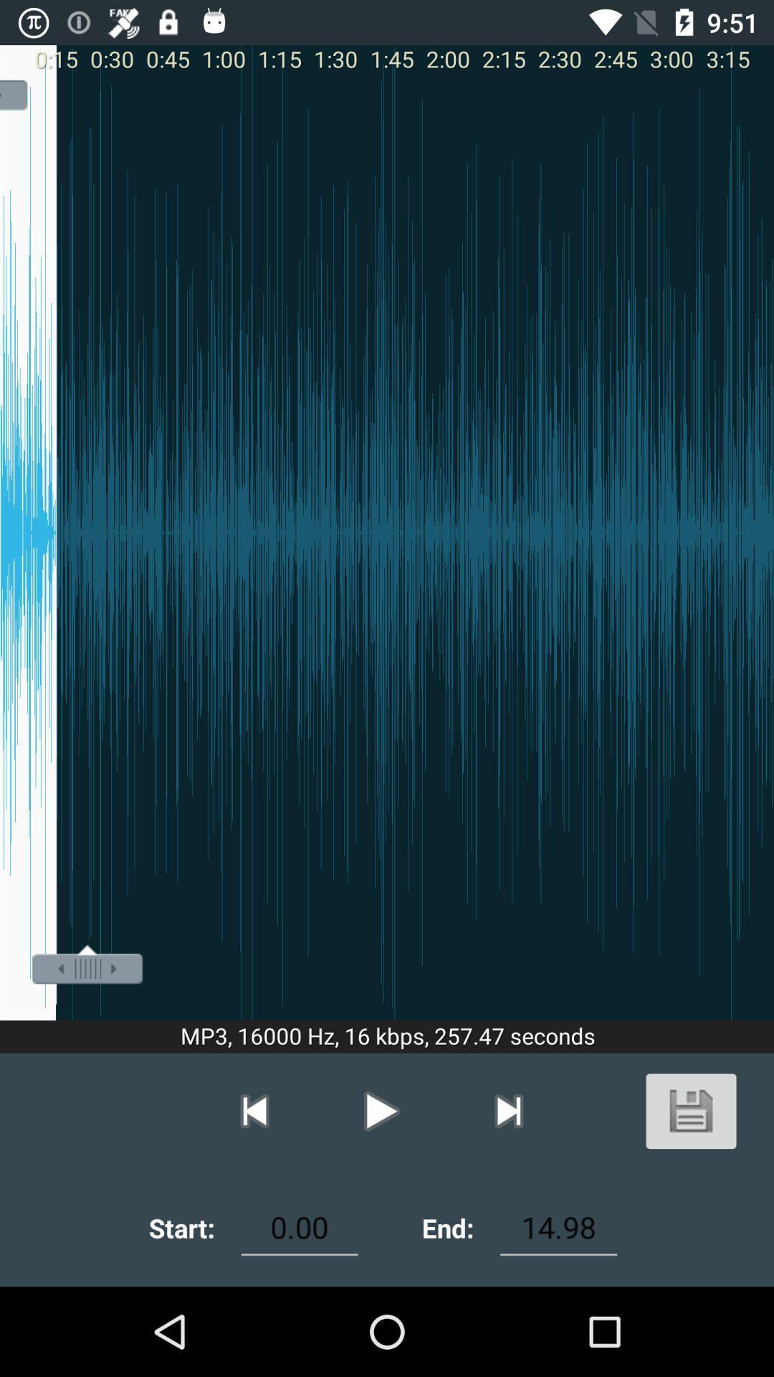 The width and height of the screenshot is (774, 1377). I want to click on the save icon at the bottom right of the page, so click(690, 1110).